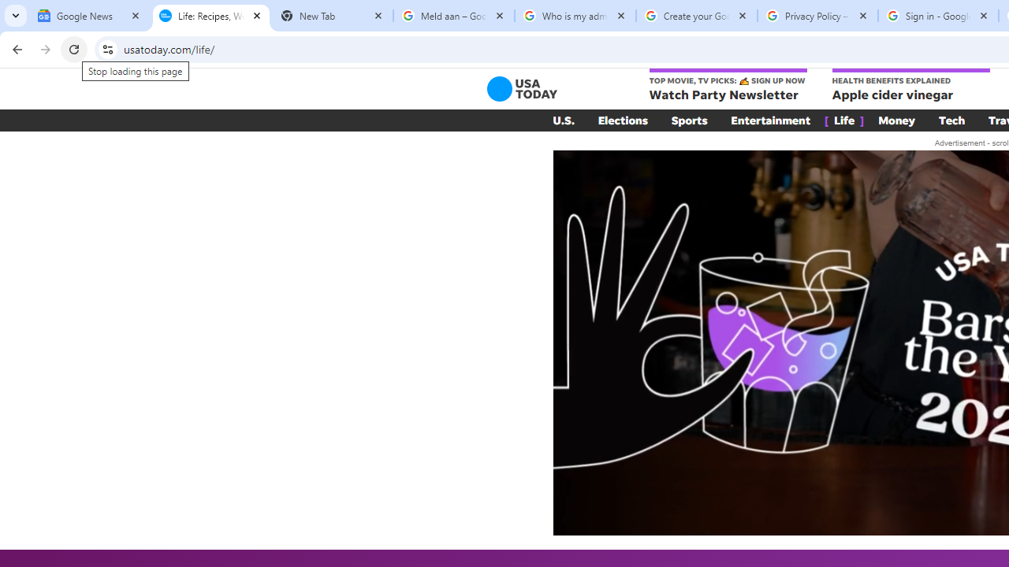 This screenshot has height=567, width=1009. I want to click on 'Sports', so click(689, 120).